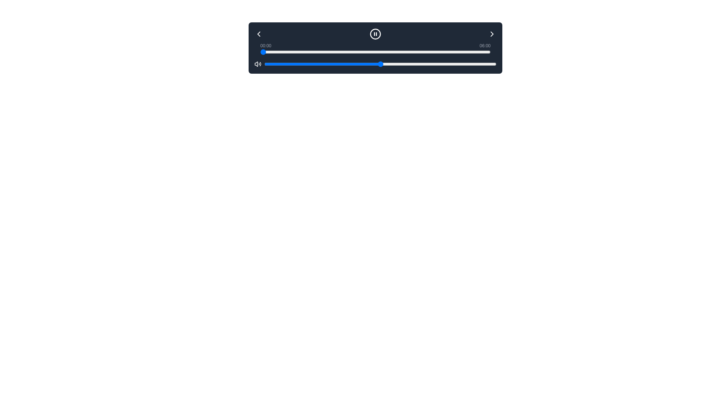 This screenshot has width=704, height=396. Describe the element at coordinates (422, 63) in the screenshot. I see `volume` at that location.